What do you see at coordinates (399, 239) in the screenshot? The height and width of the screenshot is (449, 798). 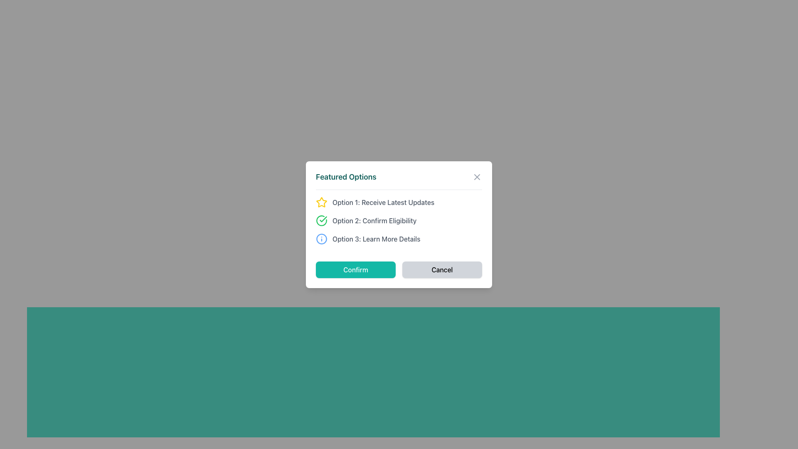 I see `the informational icon text label that allows users` at bounding box center [399, 239].